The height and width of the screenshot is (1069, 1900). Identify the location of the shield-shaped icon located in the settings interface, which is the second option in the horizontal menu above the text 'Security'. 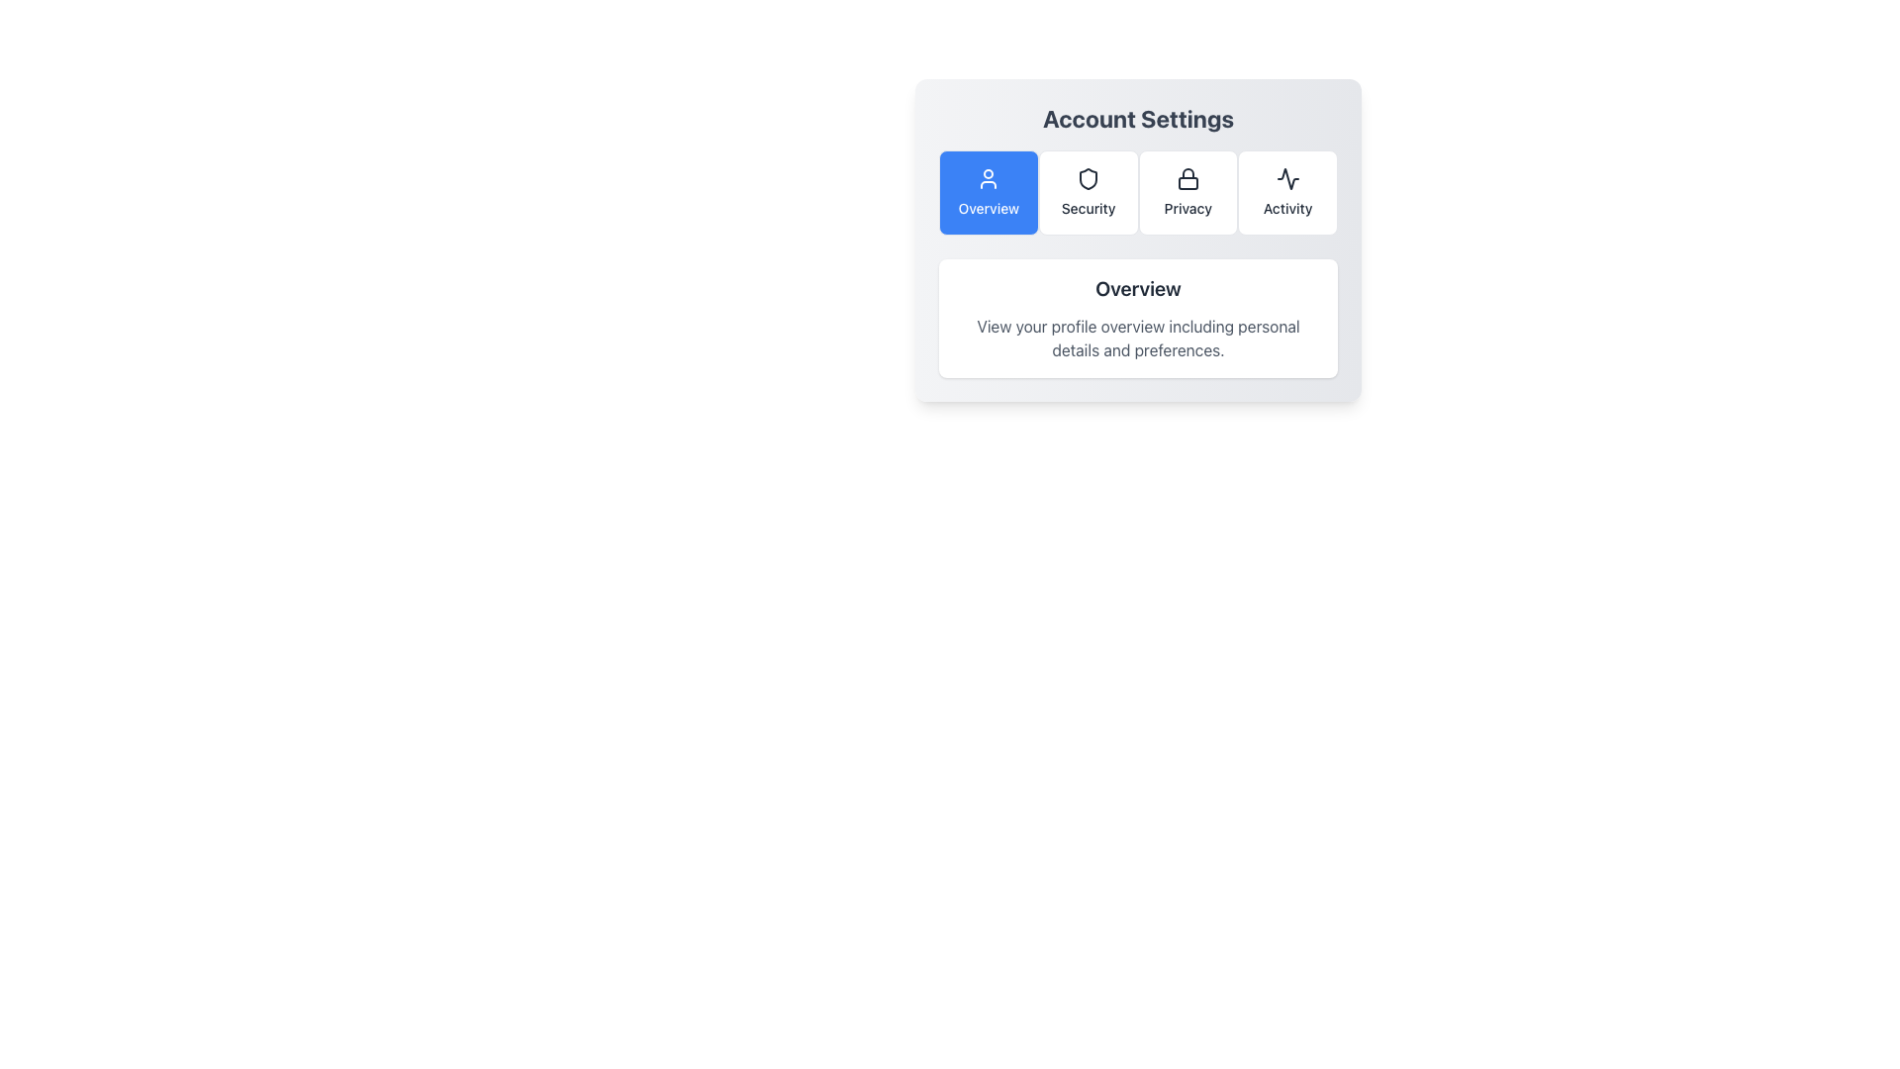
(1088, 179).